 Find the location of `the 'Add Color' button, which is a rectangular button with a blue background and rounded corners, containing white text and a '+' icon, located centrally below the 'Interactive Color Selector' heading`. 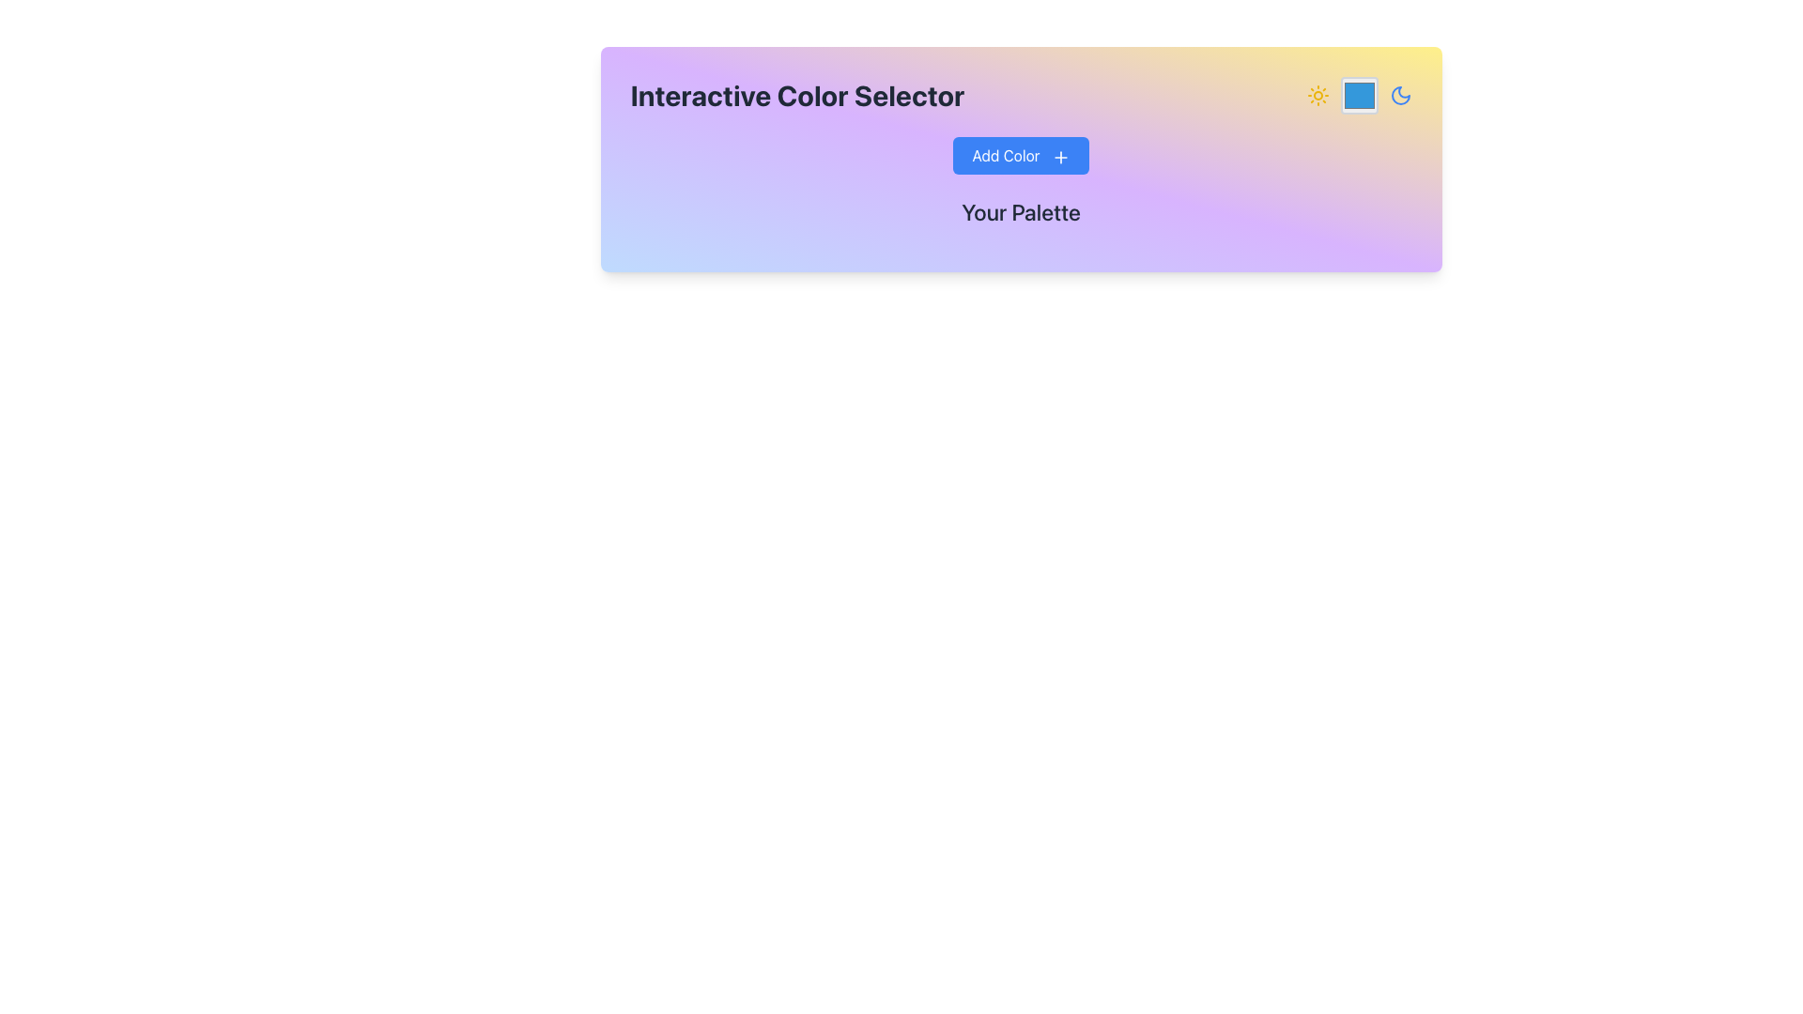

the 'Add Color' button, which is a rectangular button with a blue background and rounded corners, containing white text and a '+' icon, located centrally below the 'Interactive Color Selector' heading is located at coordinates (1020, 154).